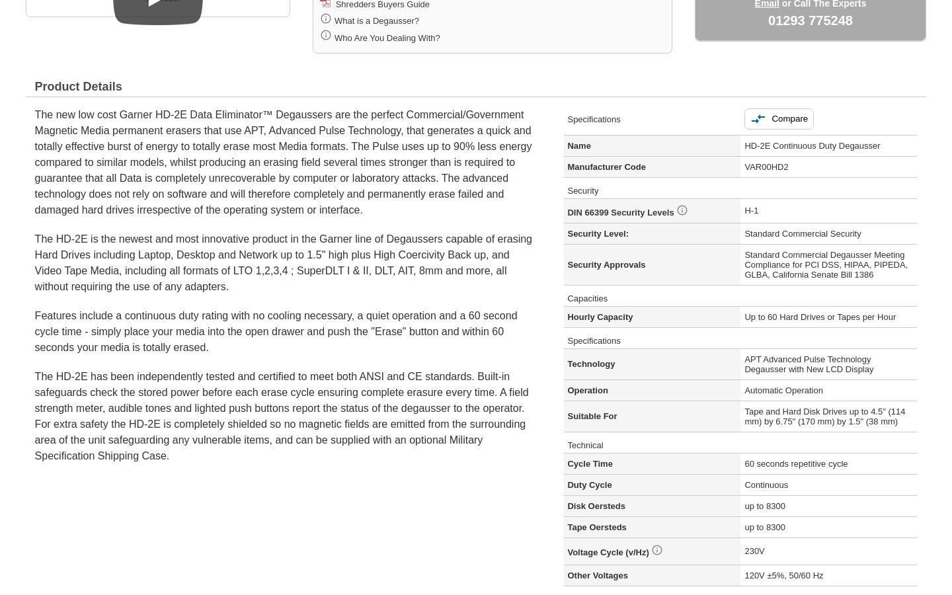 This screenshot has height=595, width=952. I want to click on 'Compare', so click(789, 118).